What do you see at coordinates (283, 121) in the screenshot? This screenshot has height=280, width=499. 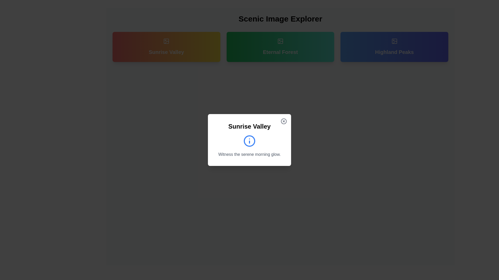 I see `the circular close button with an 'X' icon located in the top-right corner of the modal box for 'Sunrise Valley'` at bounding box center [283, 121].